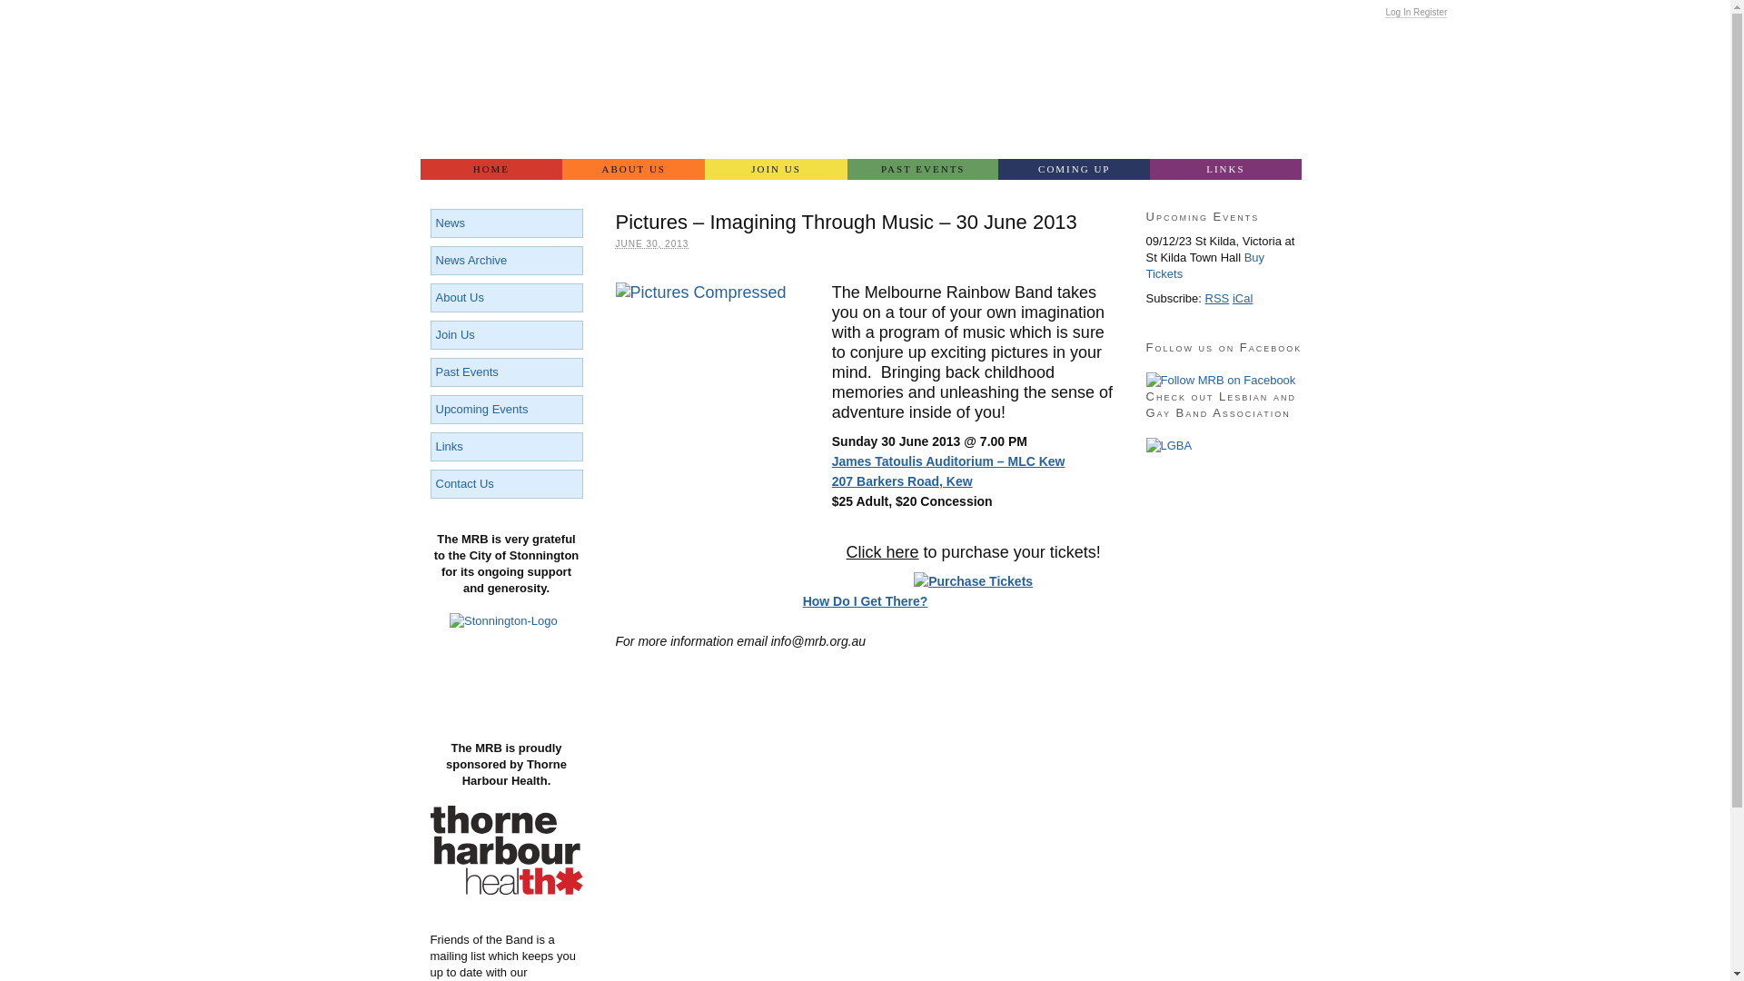  Describe the element at coordinates (865, 601) in the screenshot. I see `'How Do I Get There?'` at that location.